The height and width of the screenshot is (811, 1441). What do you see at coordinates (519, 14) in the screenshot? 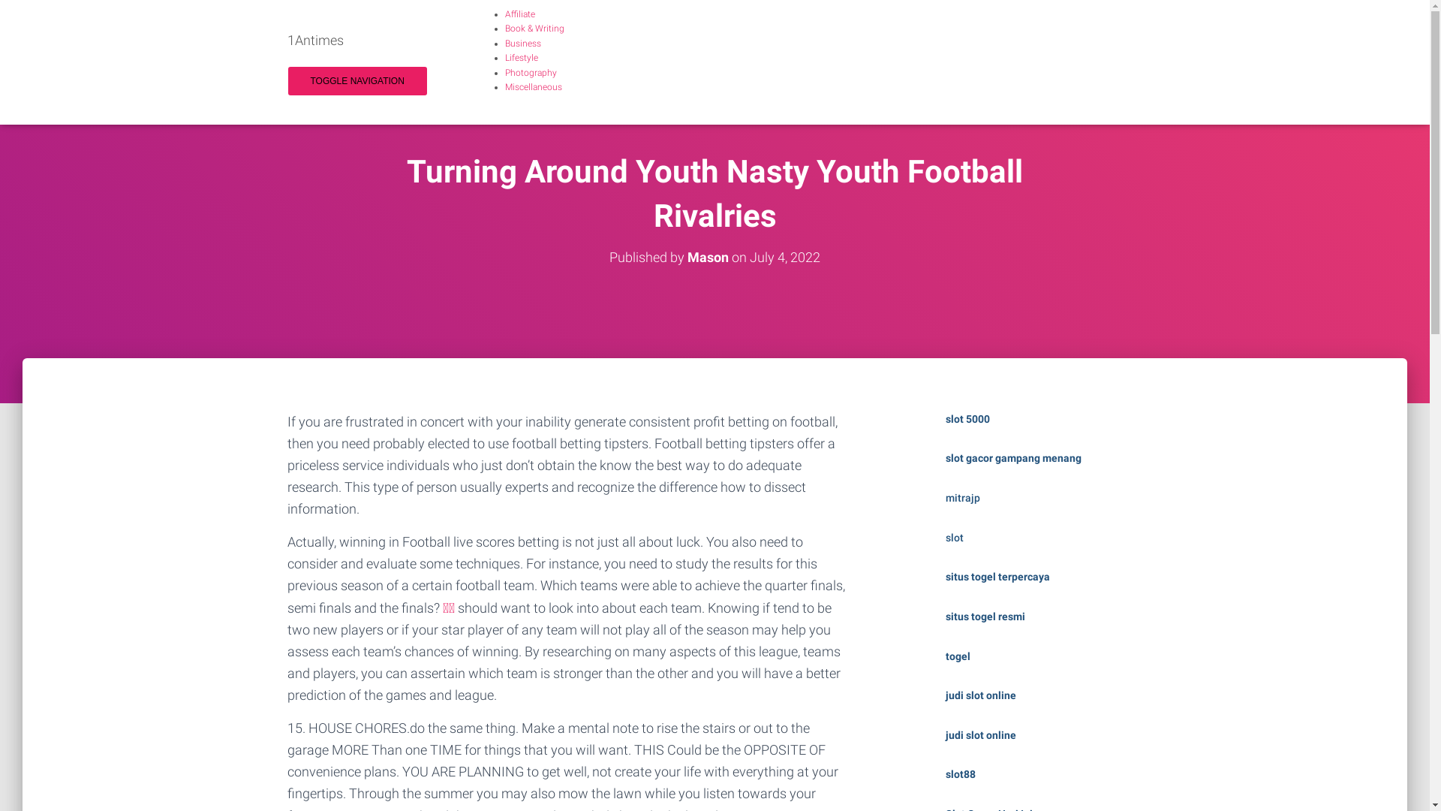
I see `'Affiliate'` at bounding box center [519, 14].